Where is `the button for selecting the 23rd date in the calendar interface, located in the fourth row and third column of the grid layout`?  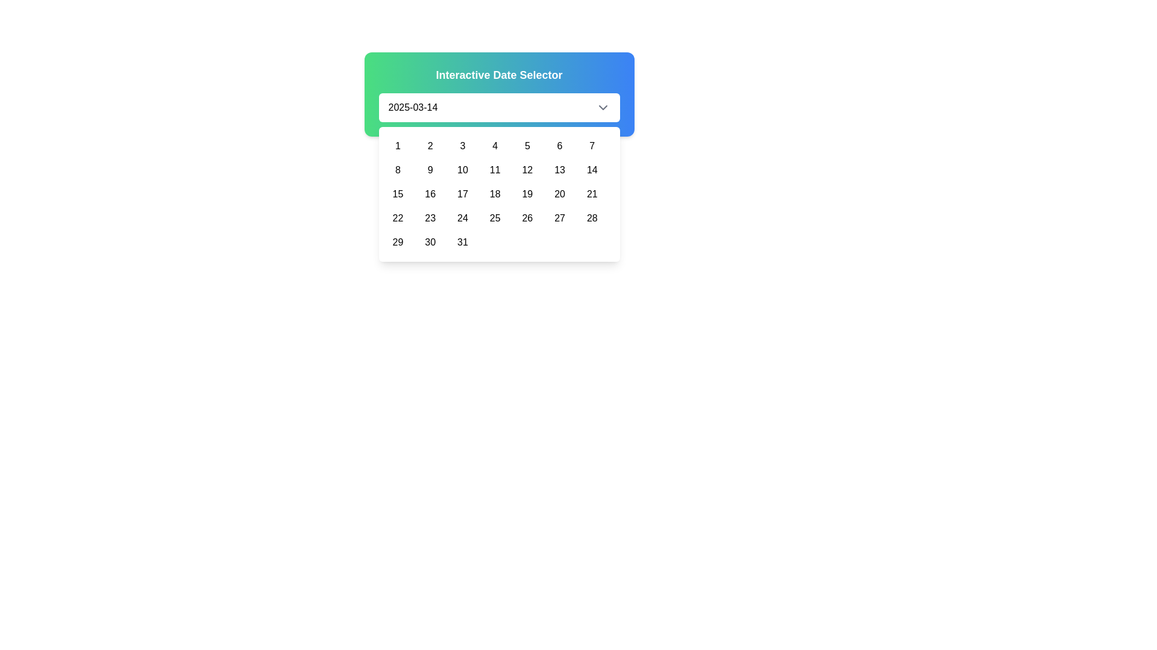
the button for selecting the 23rd date in the calendar interface, located in the fourth row and third column of the grid layout is located at coordinates (430, 218).